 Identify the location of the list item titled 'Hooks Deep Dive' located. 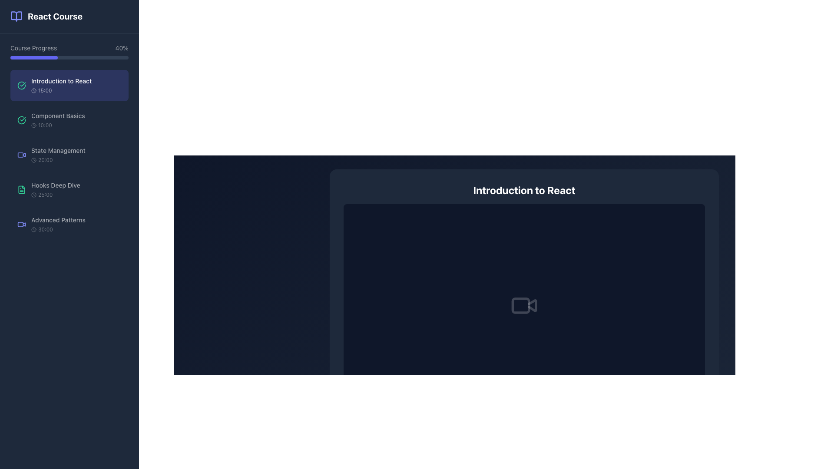
(76, 189).